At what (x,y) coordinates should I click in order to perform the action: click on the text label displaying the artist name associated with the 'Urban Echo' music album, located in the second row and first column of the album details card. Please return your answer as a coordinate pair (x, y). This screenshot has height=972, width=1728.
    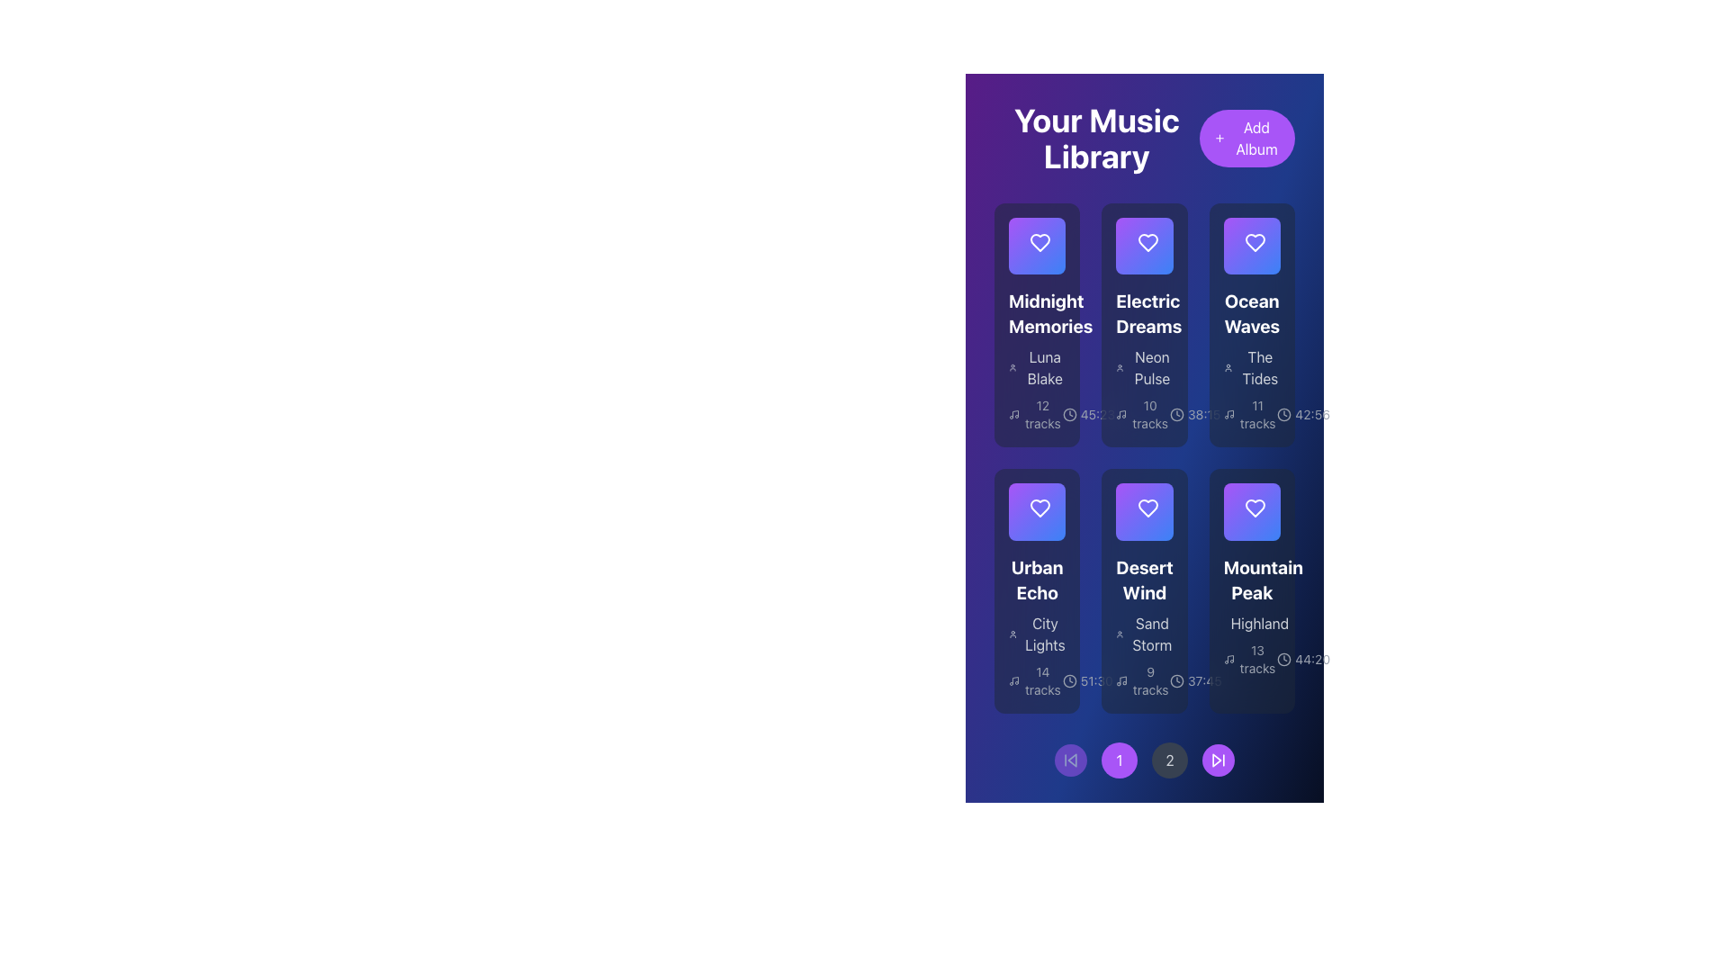
    Looking at the image, I should click on (1037, 625).